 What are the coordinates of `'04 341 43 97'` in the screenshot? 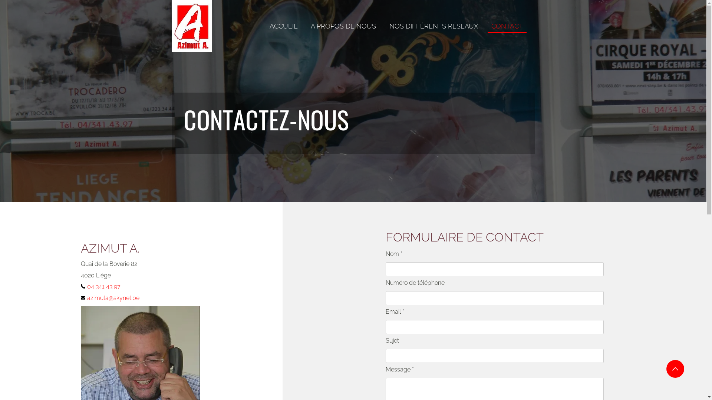 It's located at (108, 286).